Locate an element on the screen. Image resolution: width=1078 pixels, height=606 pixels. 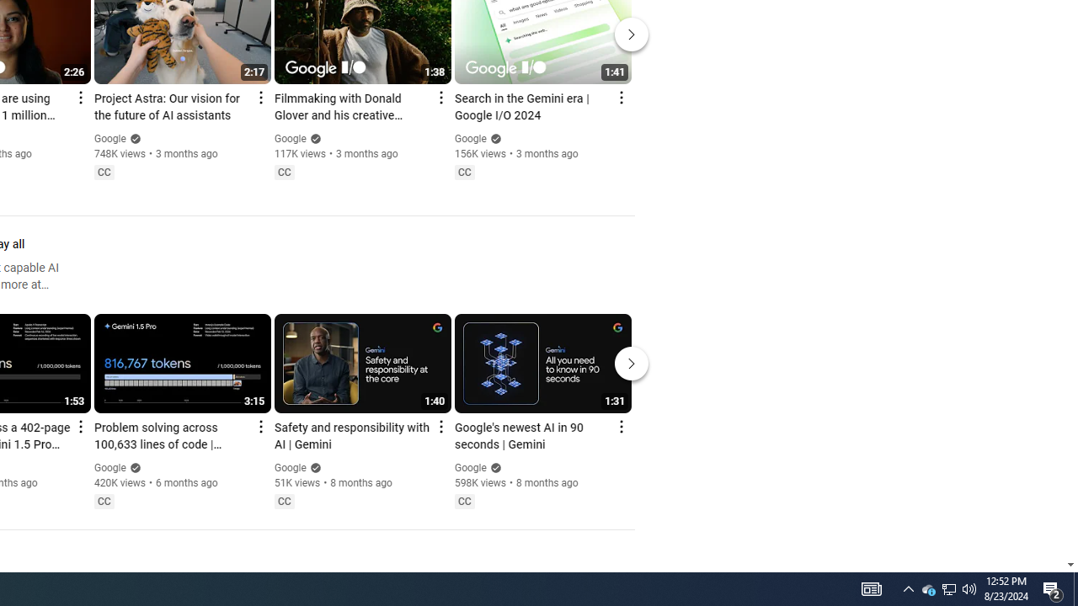
'Closed captions' is located at coordinates (464, 500).